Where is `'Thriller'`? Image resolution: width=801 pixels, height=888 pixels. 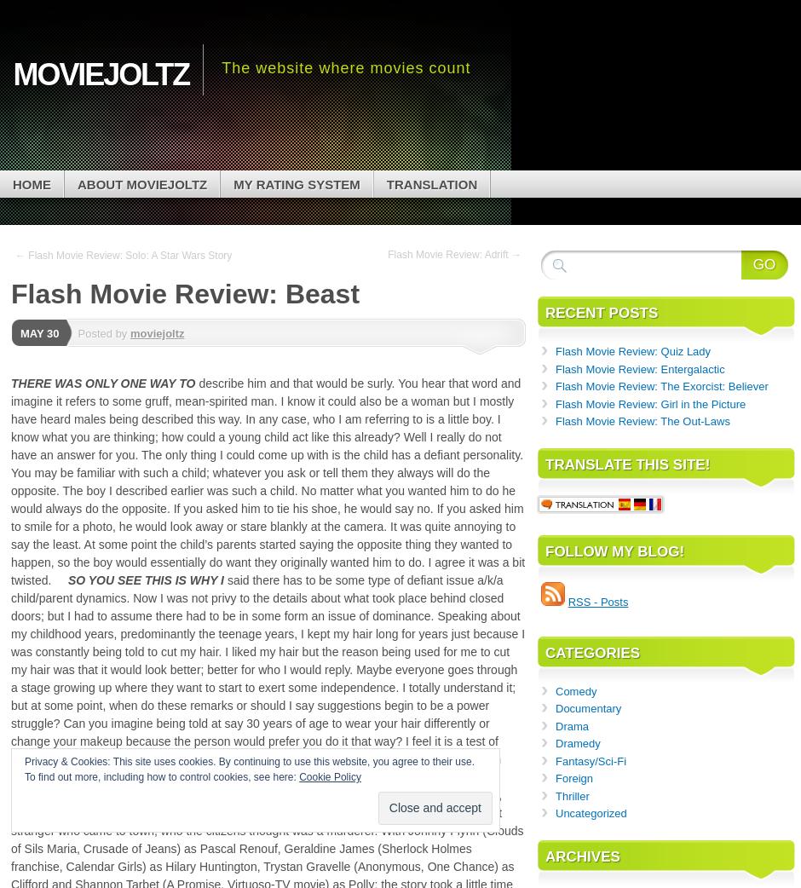
'Thriller' is located at coordinates (571, 794).